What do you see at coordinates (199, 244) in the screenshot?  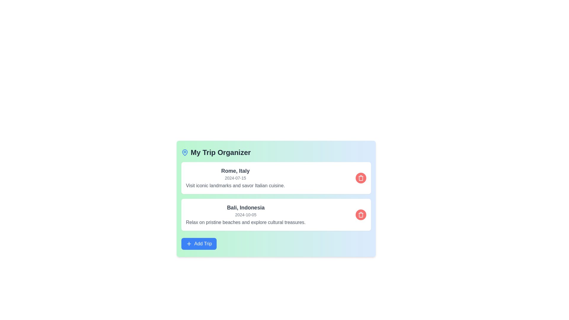 I see `the 'Add Trip' button to add a new trip` at bounding box center [199, 244].